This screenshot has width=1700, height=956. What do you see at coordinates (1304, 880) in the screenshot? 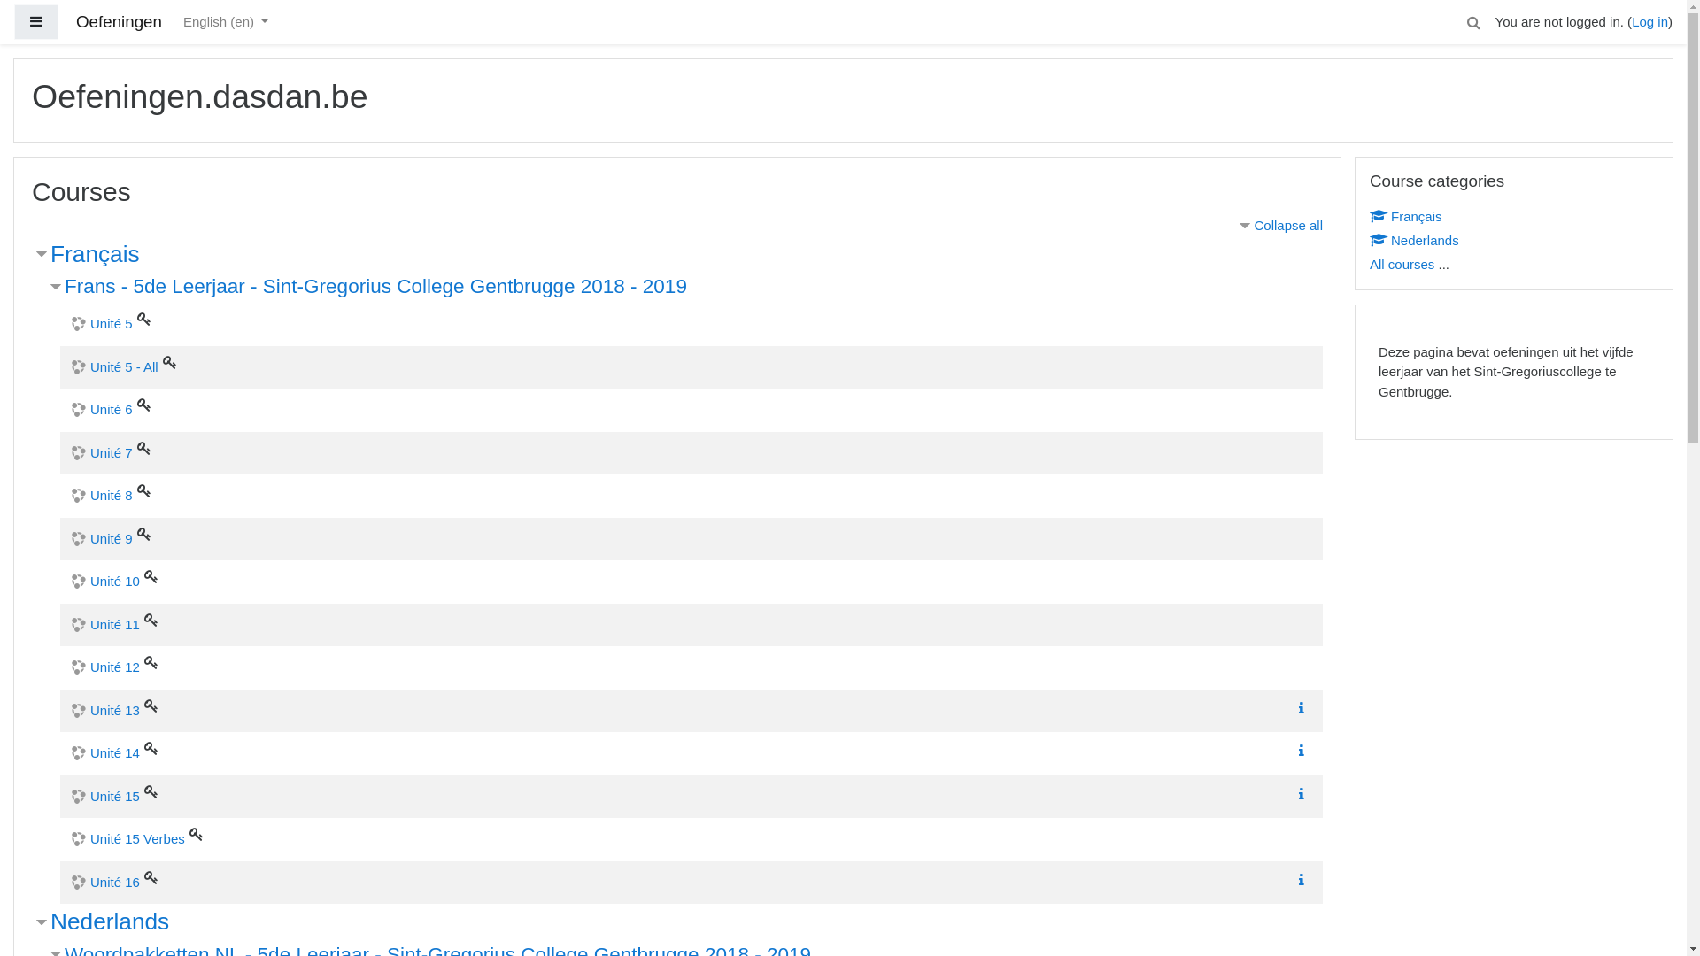
I see `'Summary'` at bounding box center [1304, 880].